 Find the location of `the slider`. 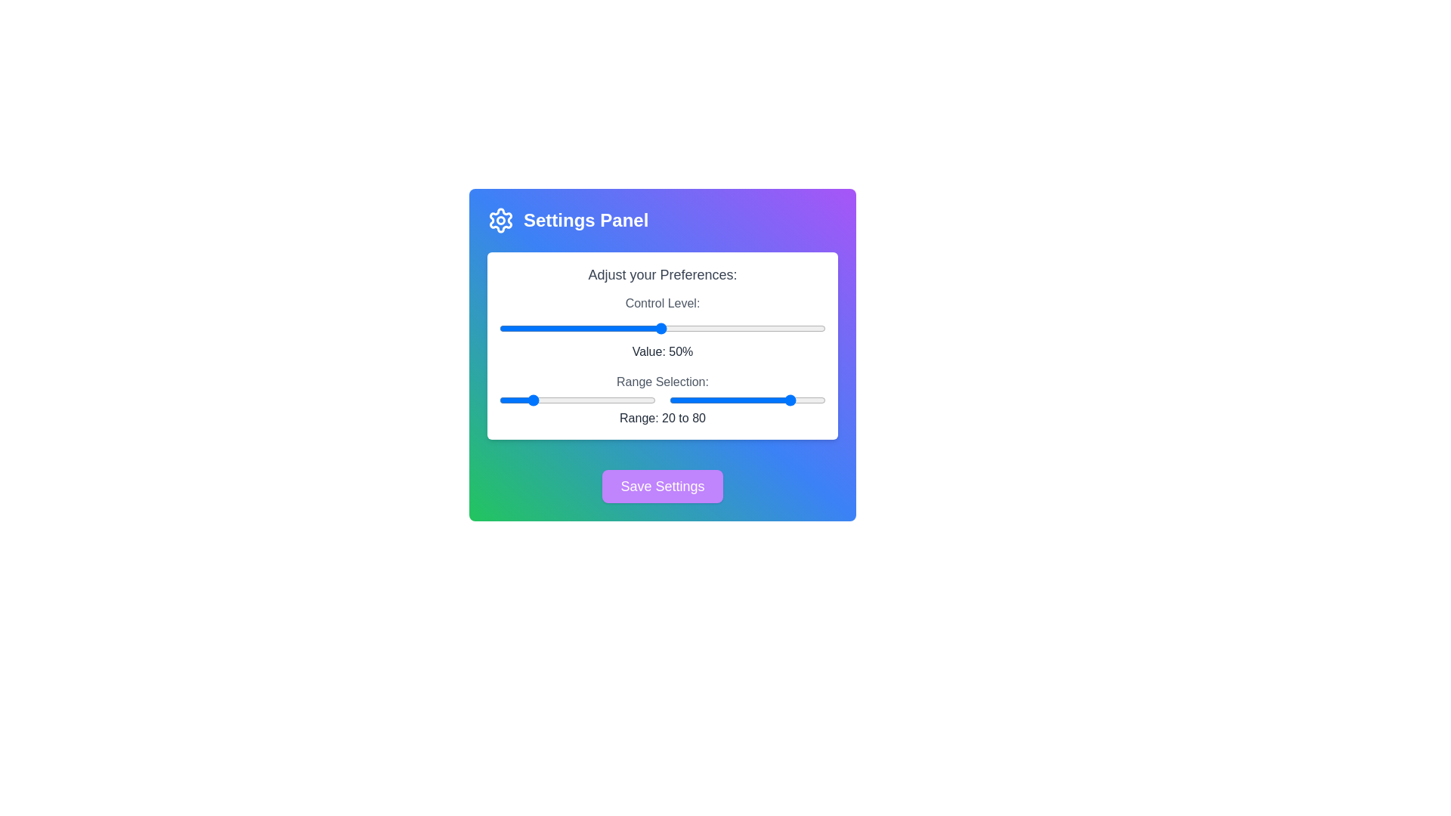

the slider is located at coordinates (605, 399).